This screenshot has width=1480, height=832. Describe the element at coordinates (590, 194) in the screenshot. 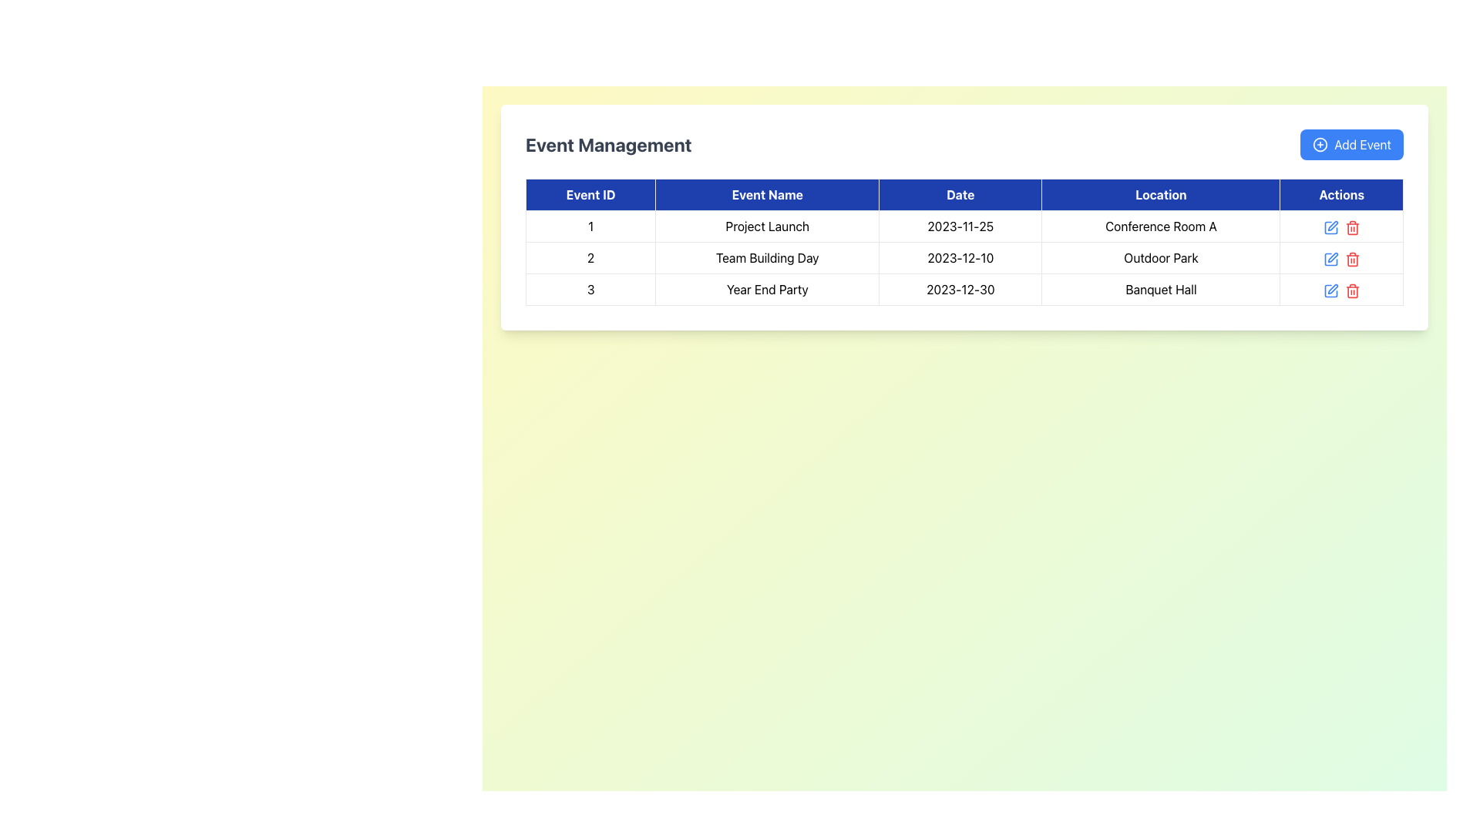

I see `text from the Table Header Cell labeled 'Event ID', which is a blue rectangular box with white text, located at the top-left corner of the table` at that location.